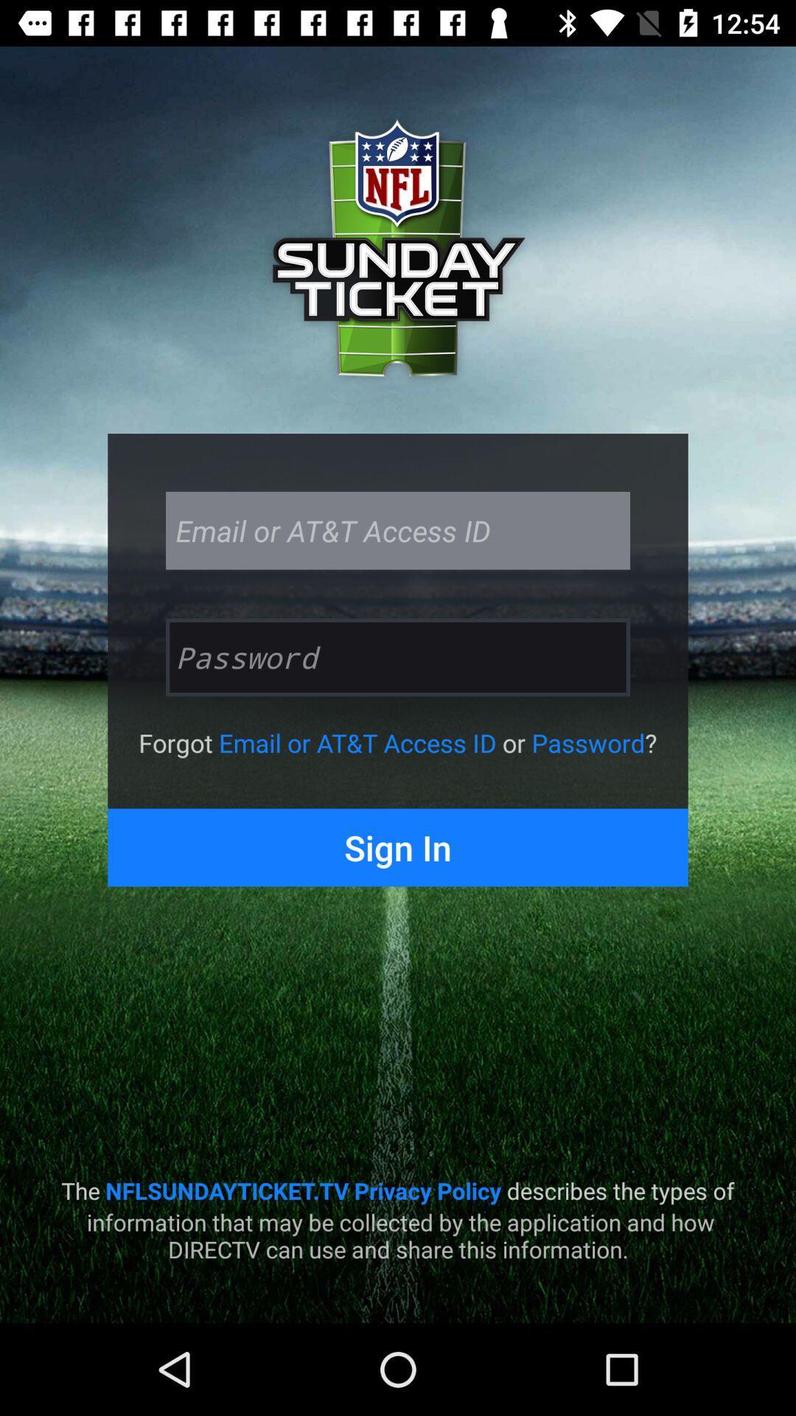 This screenshot has width=796, height=1416. I want to click on the email or att access id text field, so click(398, 531).